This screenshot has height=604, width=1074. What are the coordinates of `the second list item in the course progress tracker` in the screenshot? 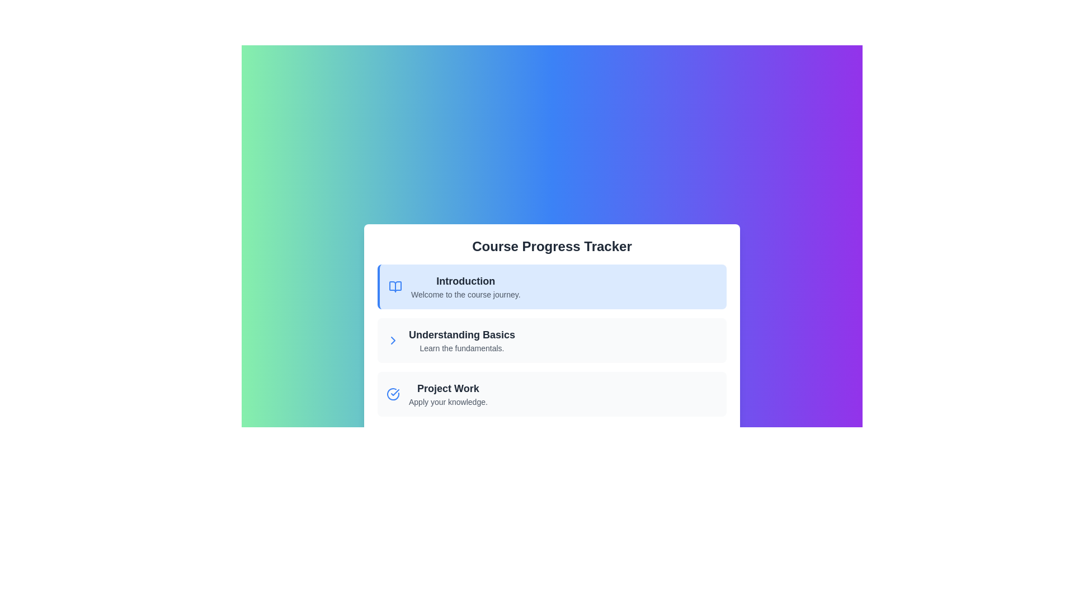 It's located at (552, 340).